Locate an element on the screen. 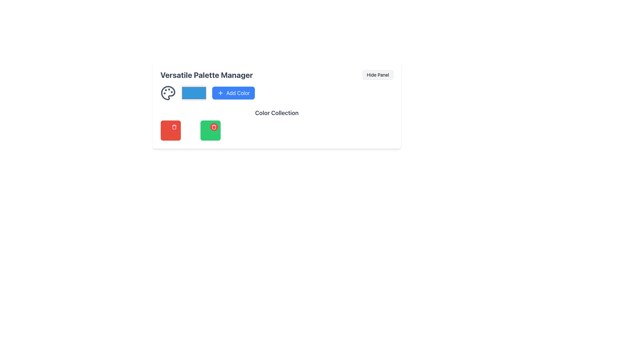  the delete button located in the top-right corner of the green square card is located at coordinates (214, 127).